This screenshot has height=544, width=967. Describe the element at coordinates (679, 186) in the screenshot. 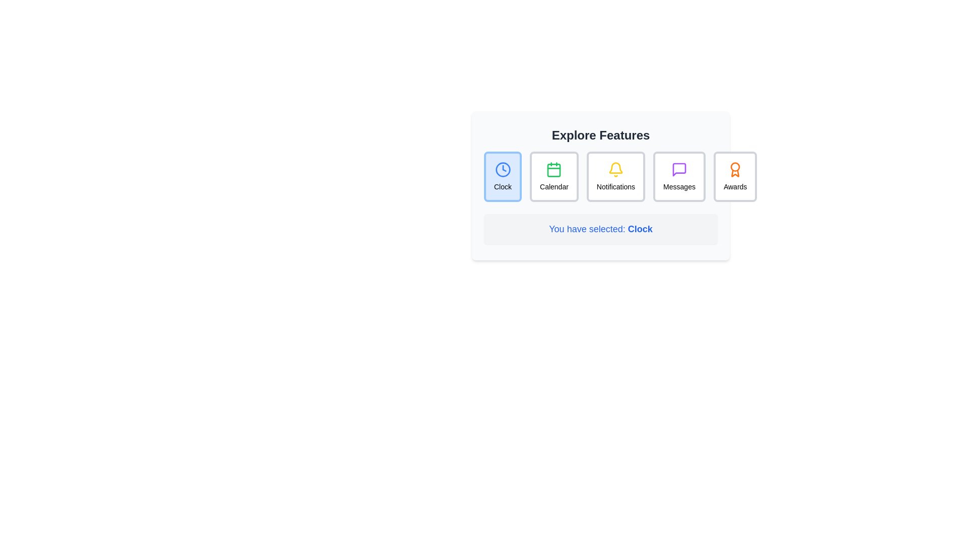

I see `the 'Messages' text label, which is positioned below a speech bubble icon, to indicate its association with messaging features` at that location.